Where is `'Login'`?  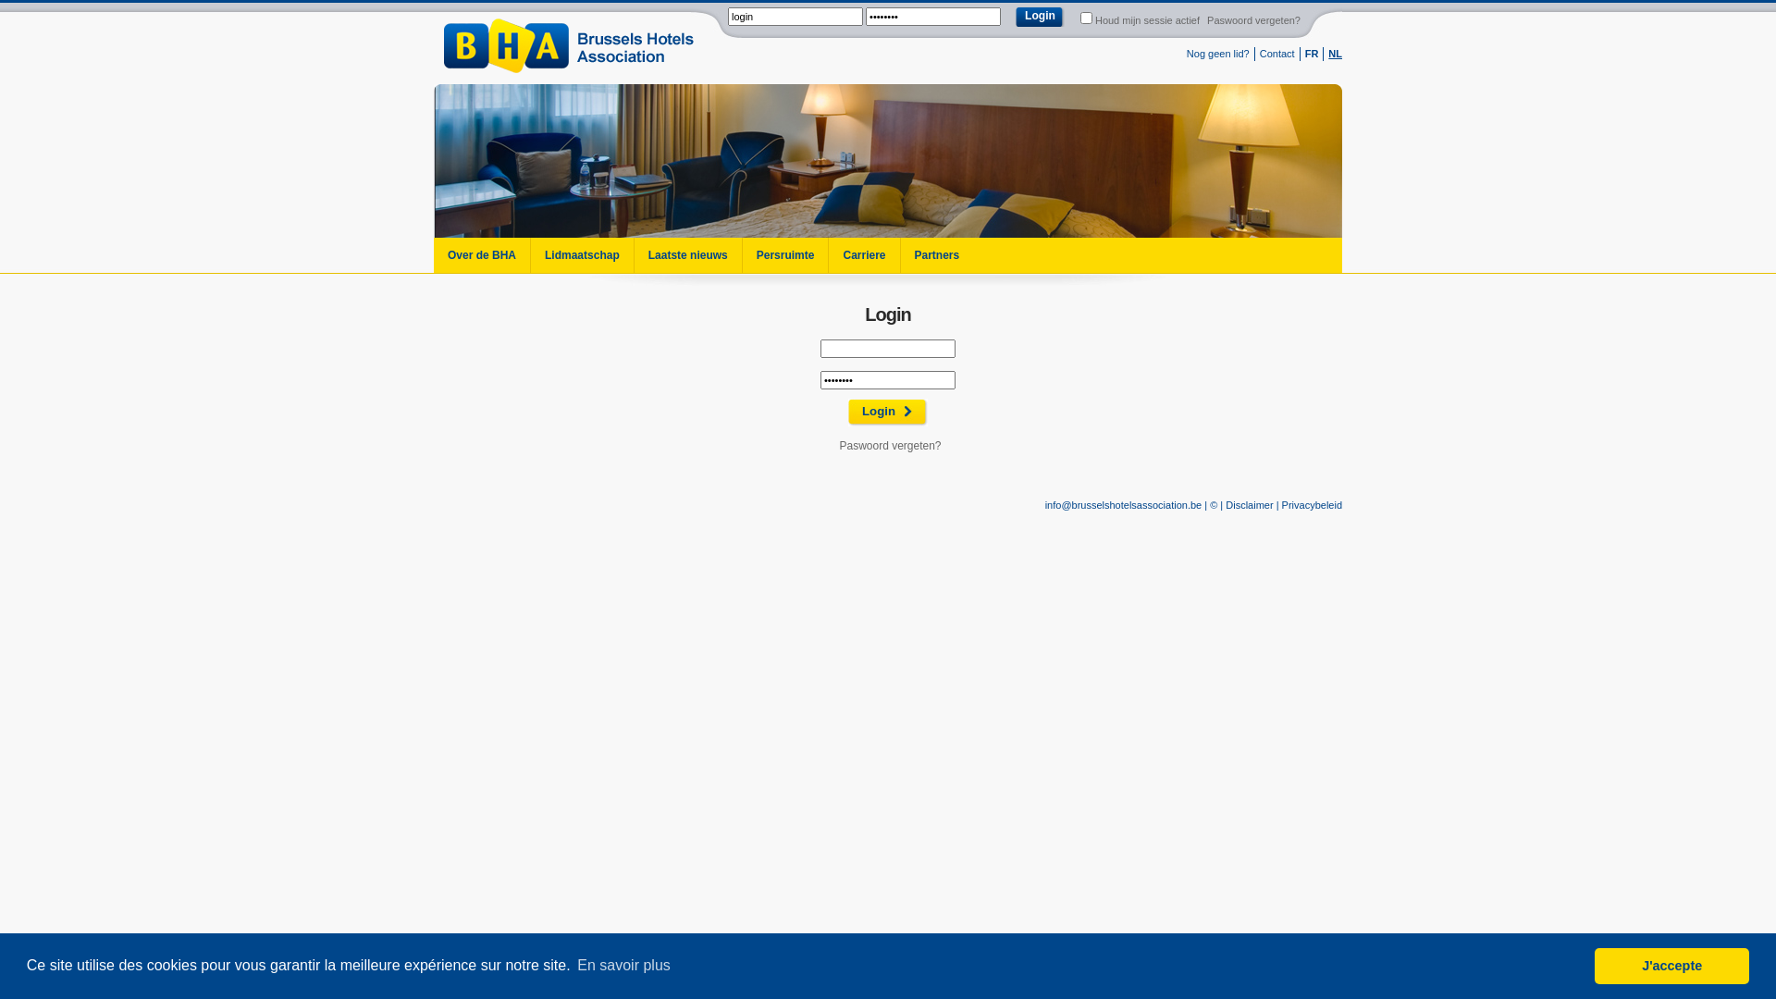 'Login' is located at coordinates (1040, 17).